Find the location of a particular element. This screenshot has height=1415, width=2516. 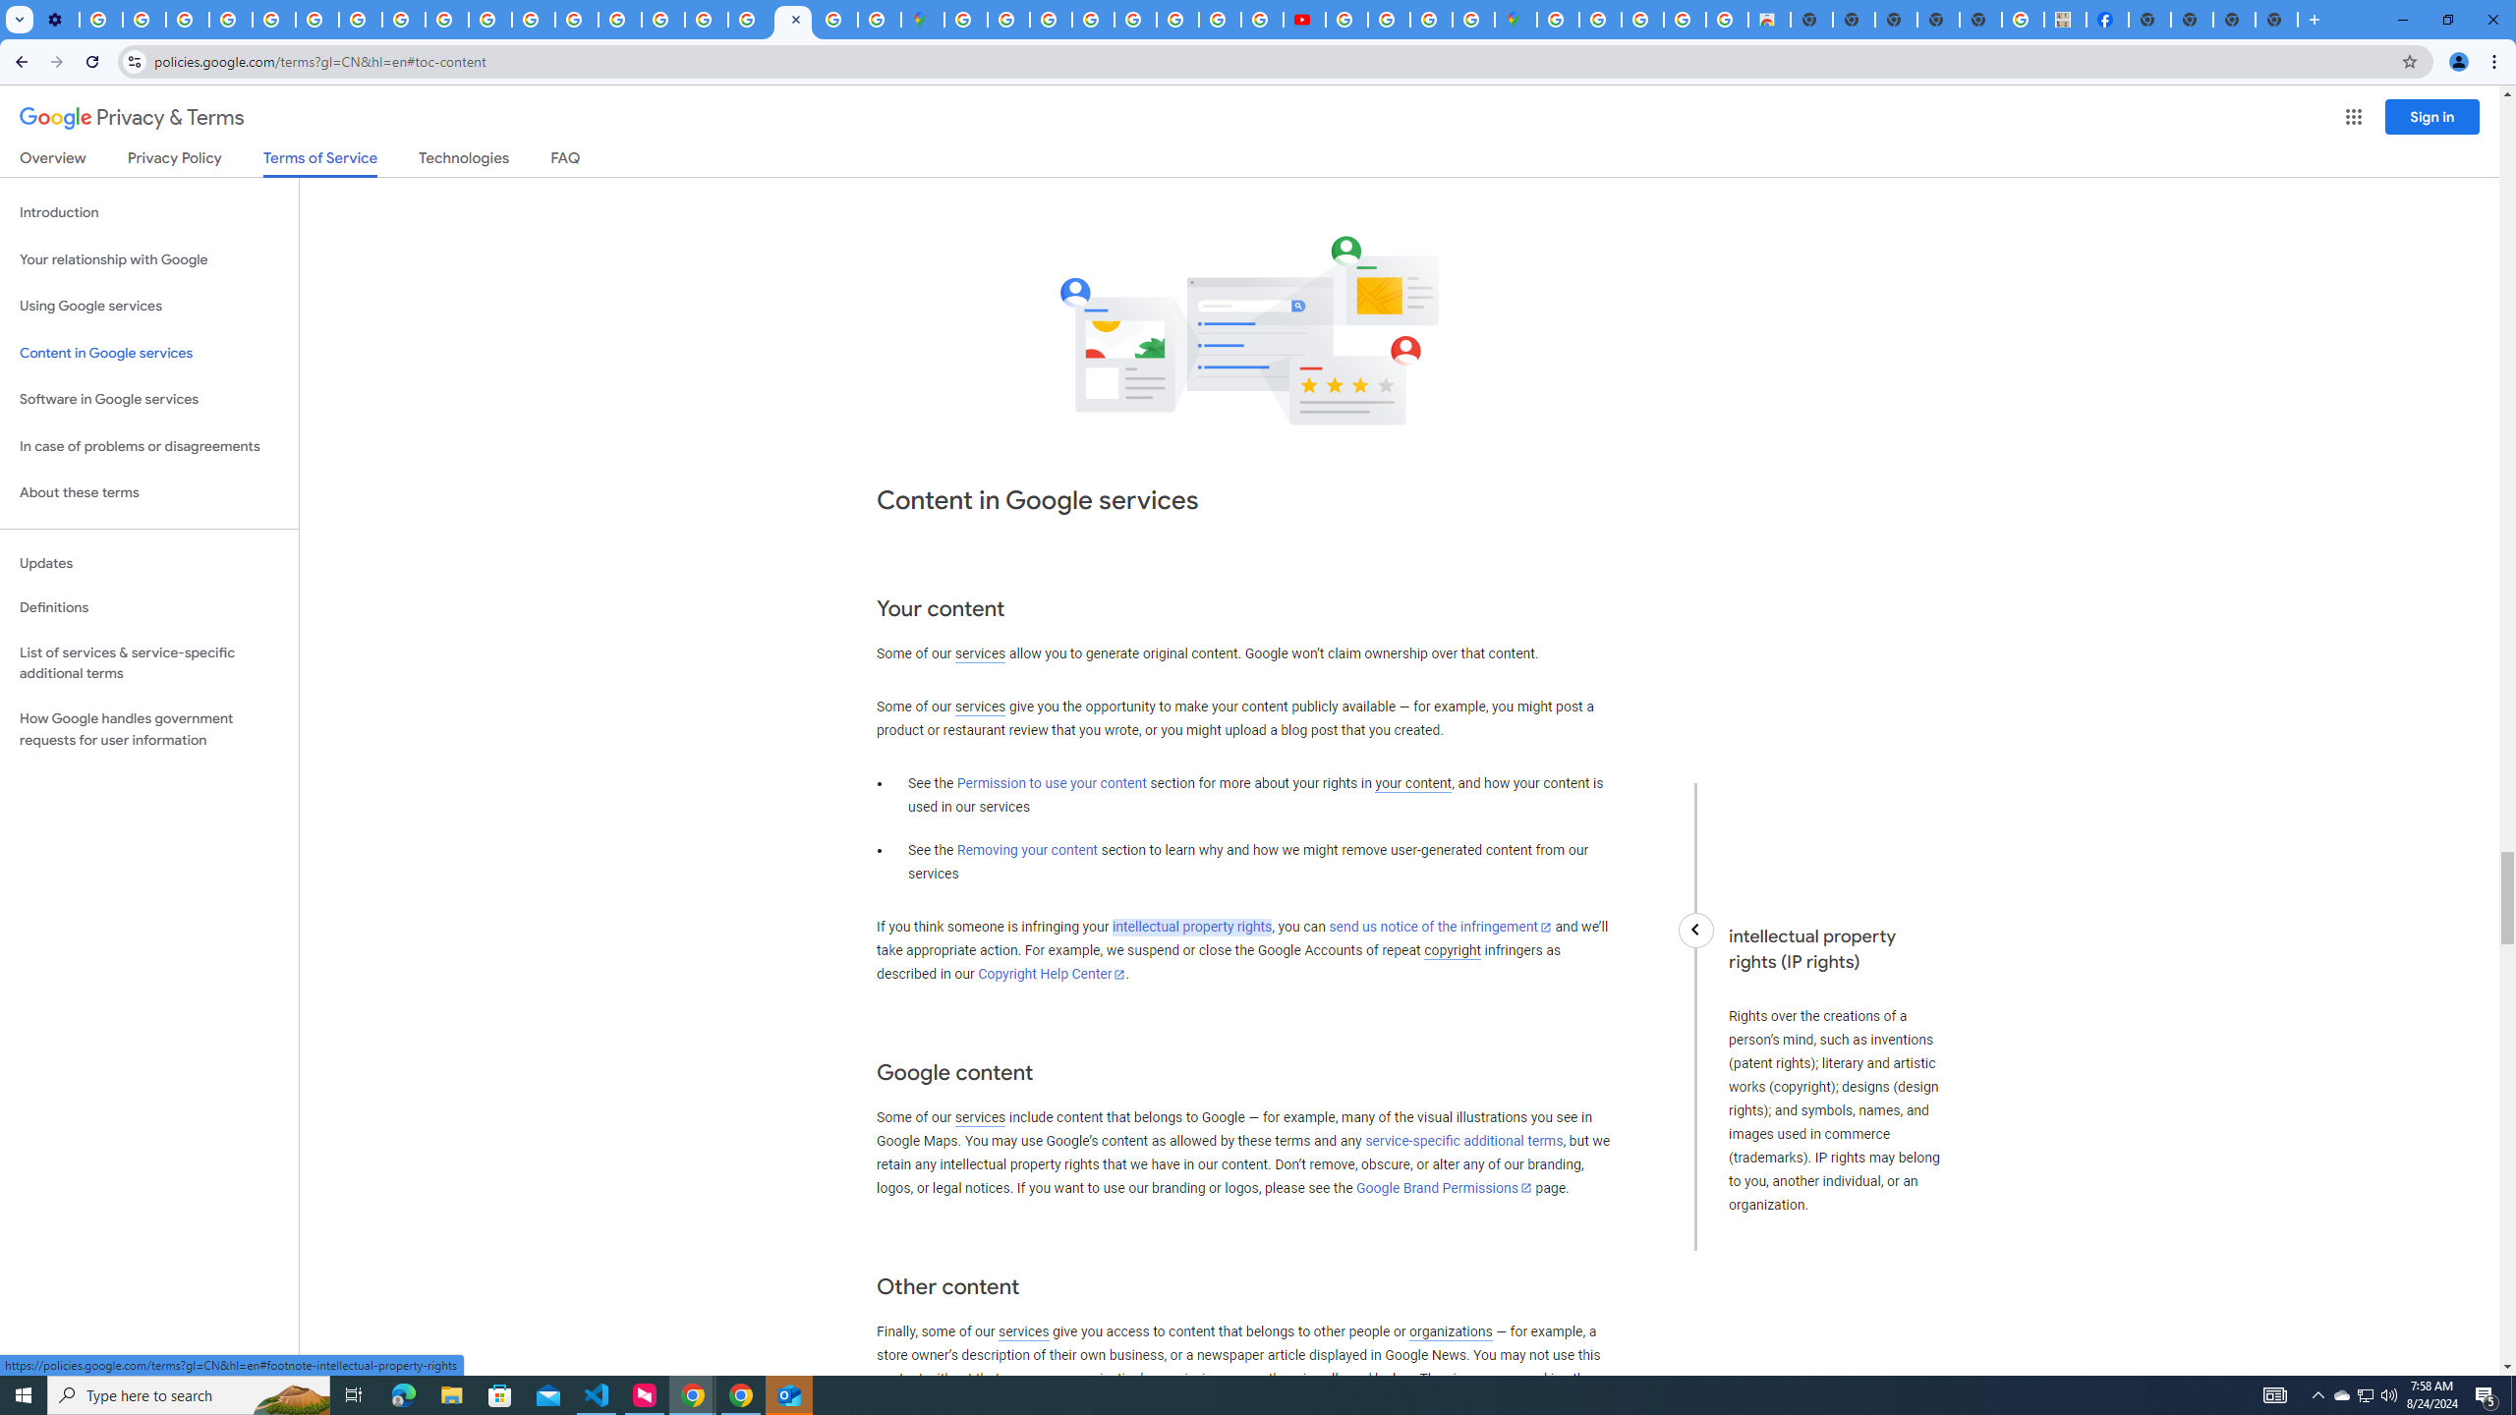

'Privacy Help Center - Policies Help' is located at coordinates (273, 19).